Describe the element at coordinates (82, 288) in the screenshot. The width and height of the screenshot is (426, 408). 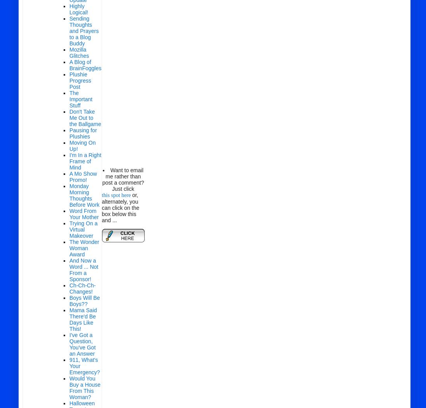
I see `'Ch-Ch-Ch-Changes!'` at that location.